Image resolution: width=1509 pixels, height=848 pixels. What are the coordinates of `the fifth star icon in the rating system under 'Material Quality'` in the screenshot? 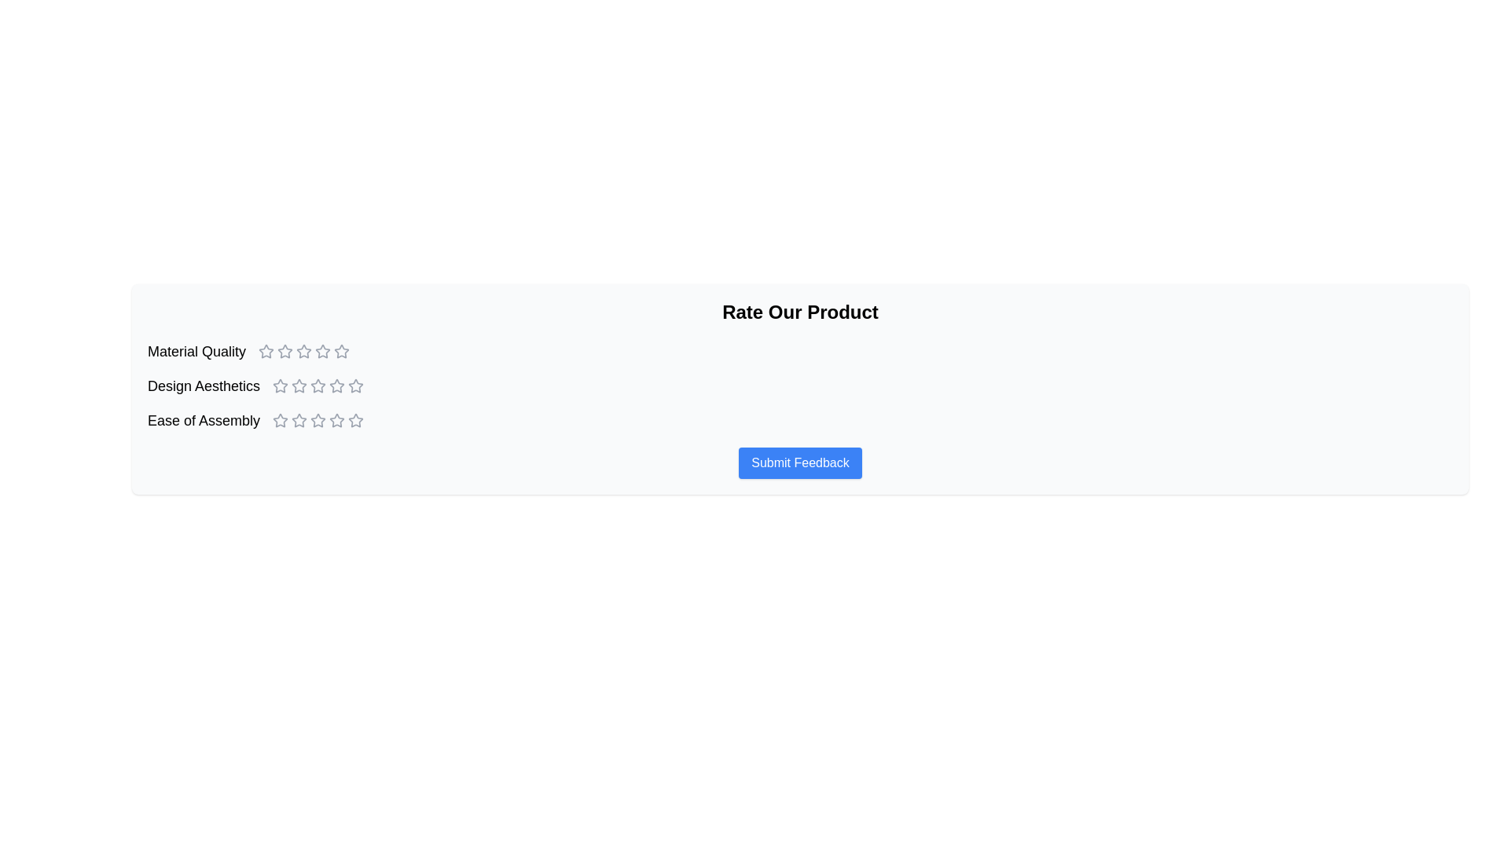 It's located at (322, 350).